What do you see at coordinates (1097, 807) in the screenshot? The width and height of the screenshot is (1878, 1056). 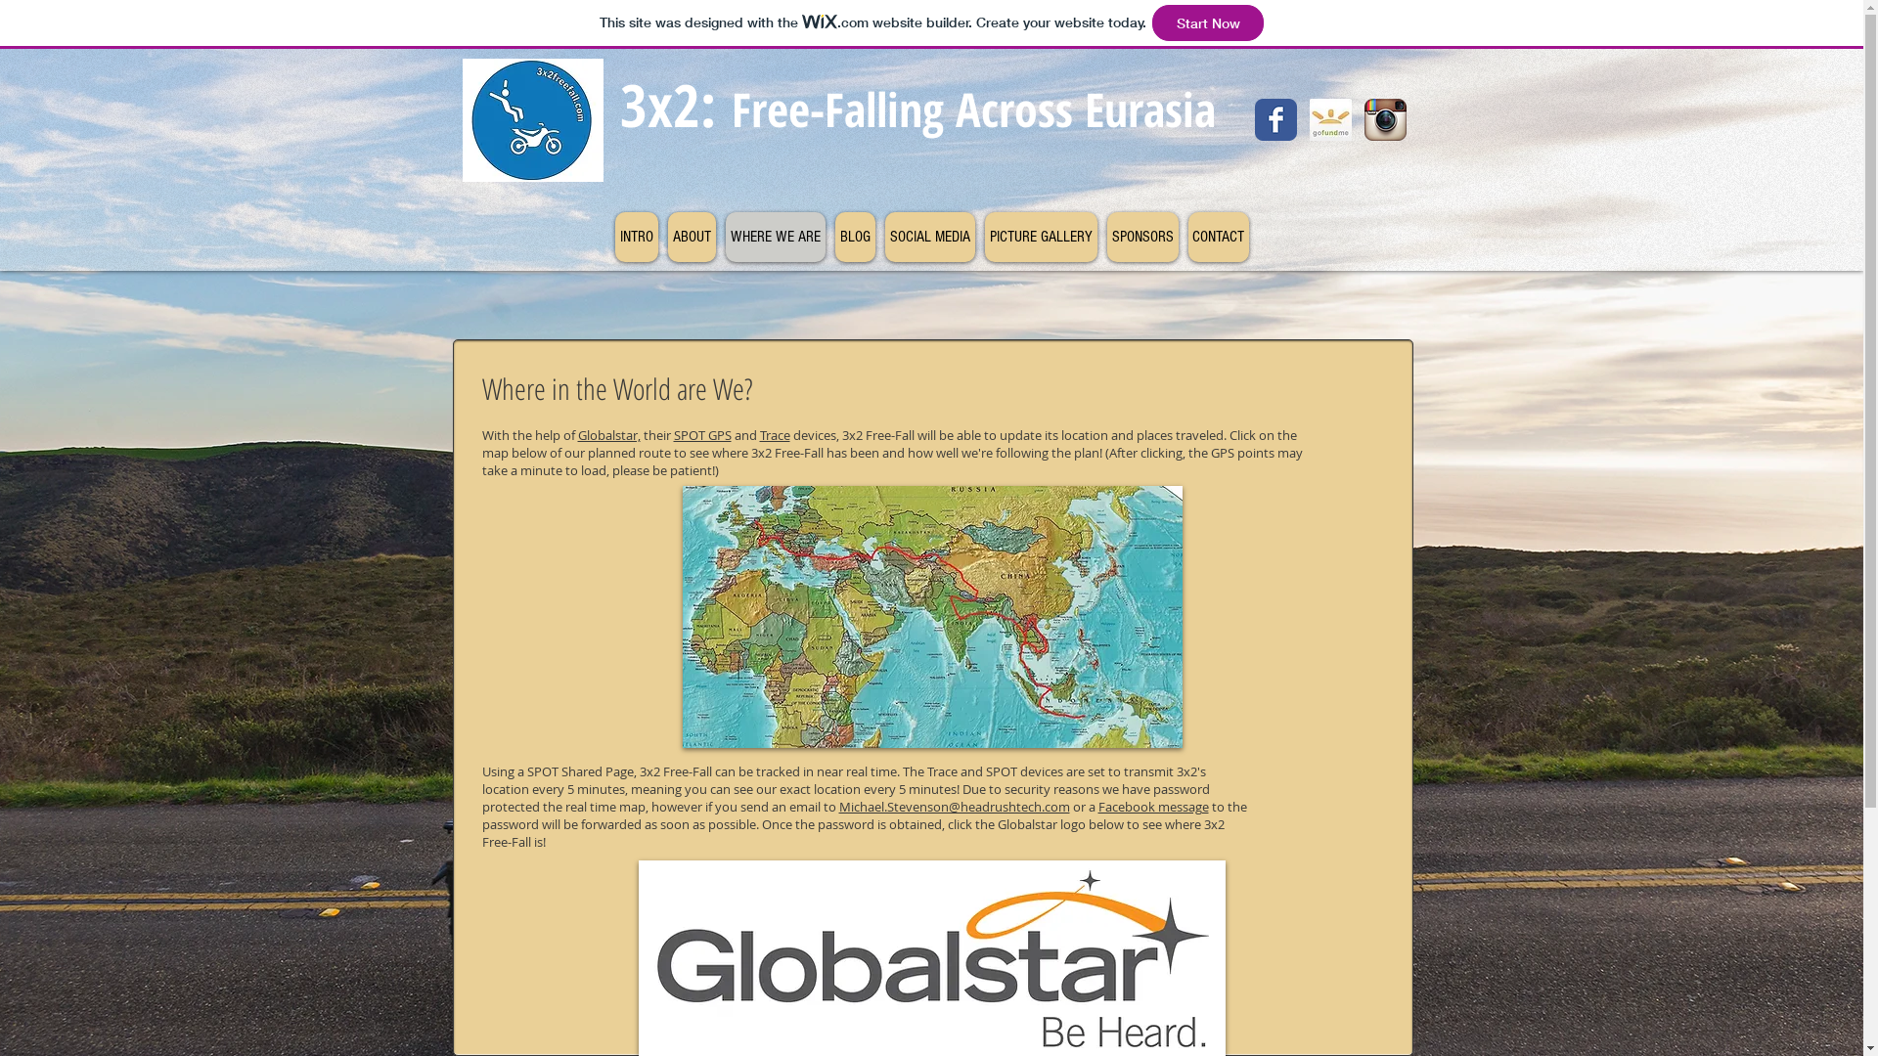 I see `'Facebook message'` at bounding box center [1097, 807].